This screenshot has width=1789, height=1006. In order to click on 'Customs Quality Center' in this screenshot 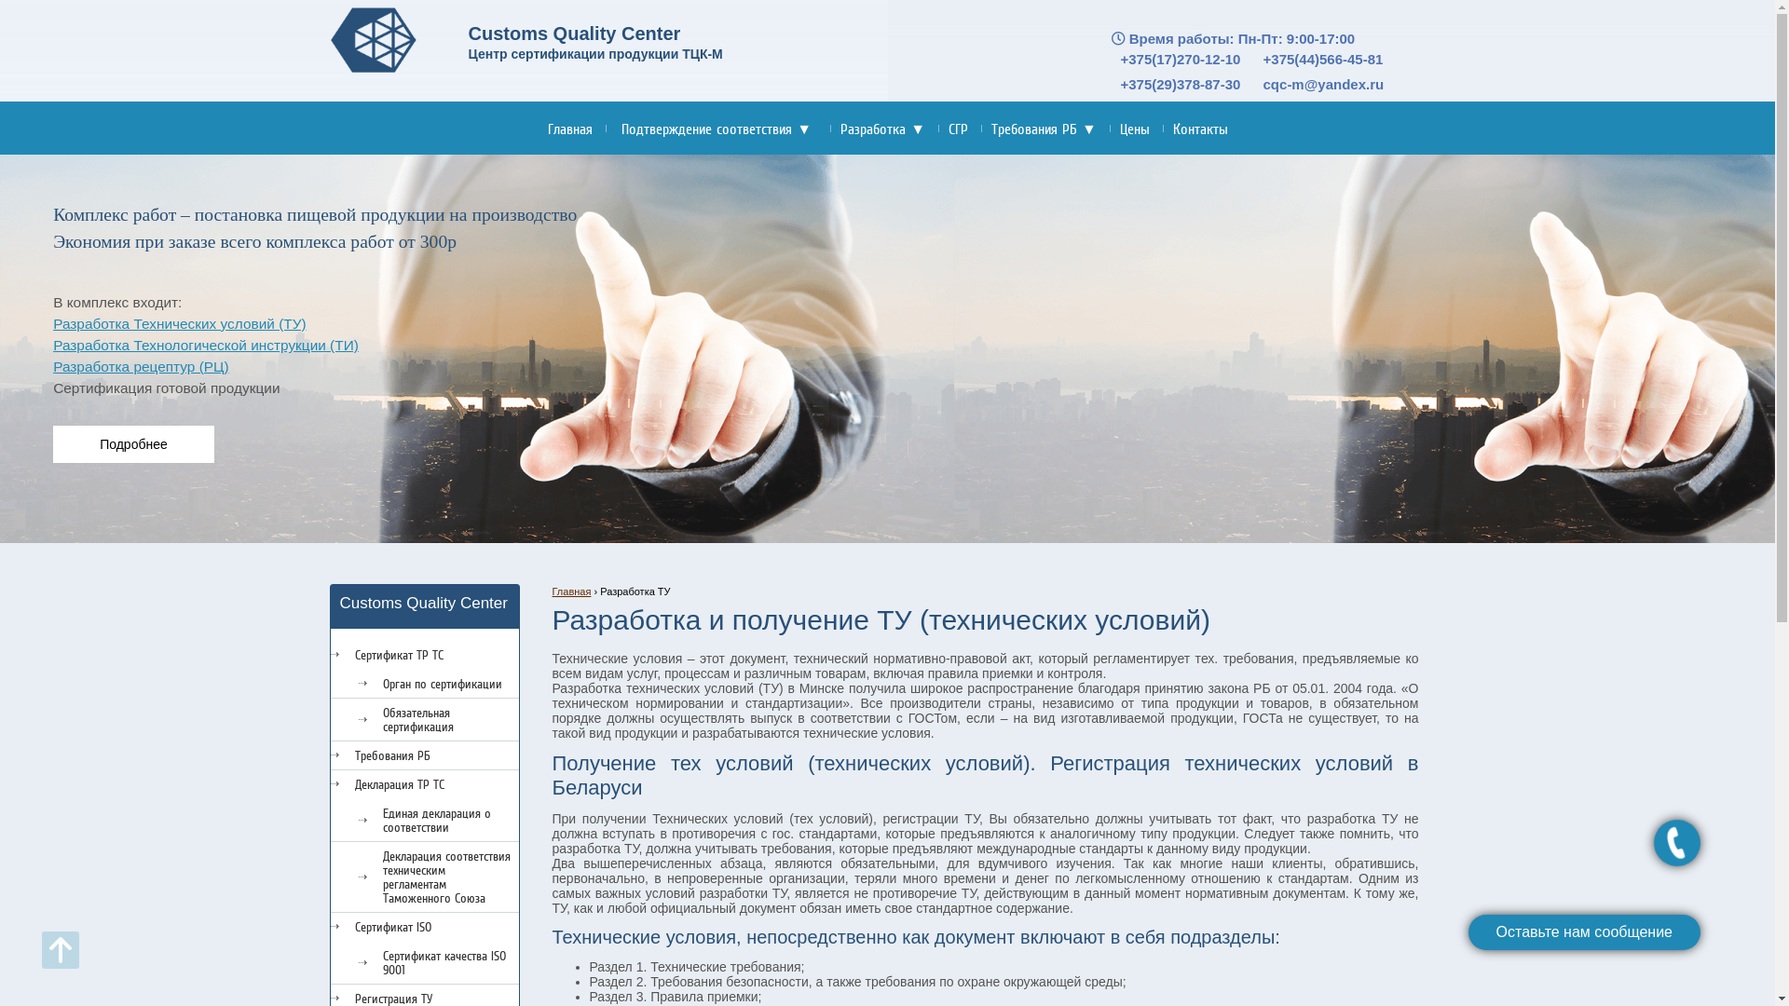, I will do `click(372, 40)`.